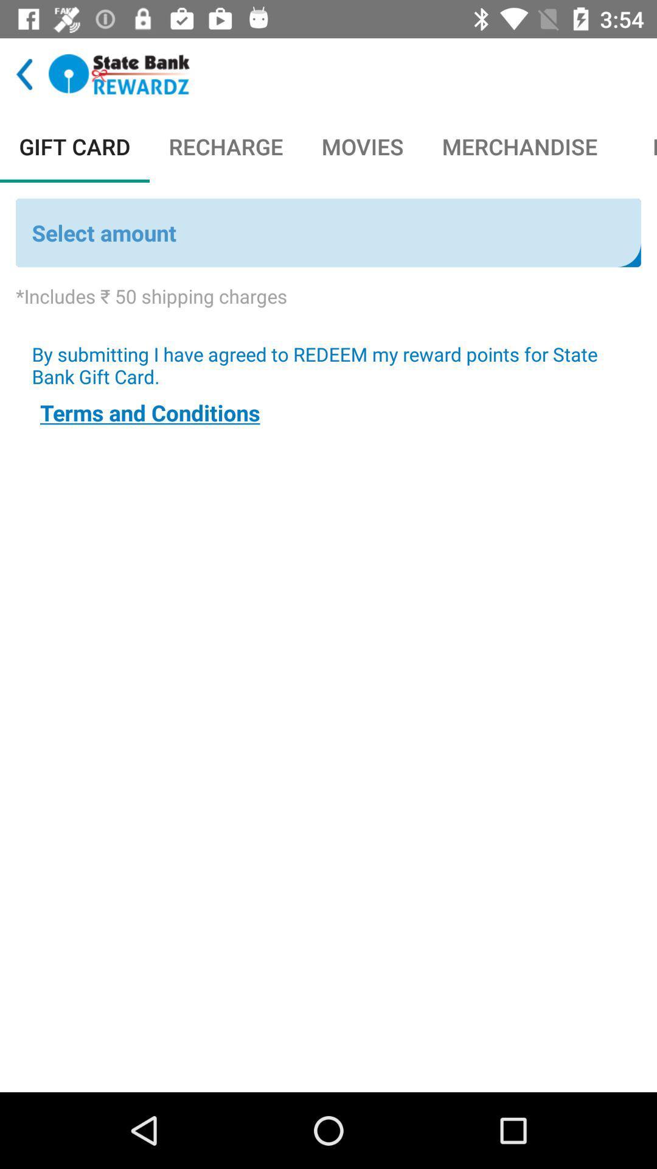 The height and width of the screenshot is (1169, 657). Describe the element at coordinates (149, 412) in the screenshot. I see `the app below the by submitting i` at that location.